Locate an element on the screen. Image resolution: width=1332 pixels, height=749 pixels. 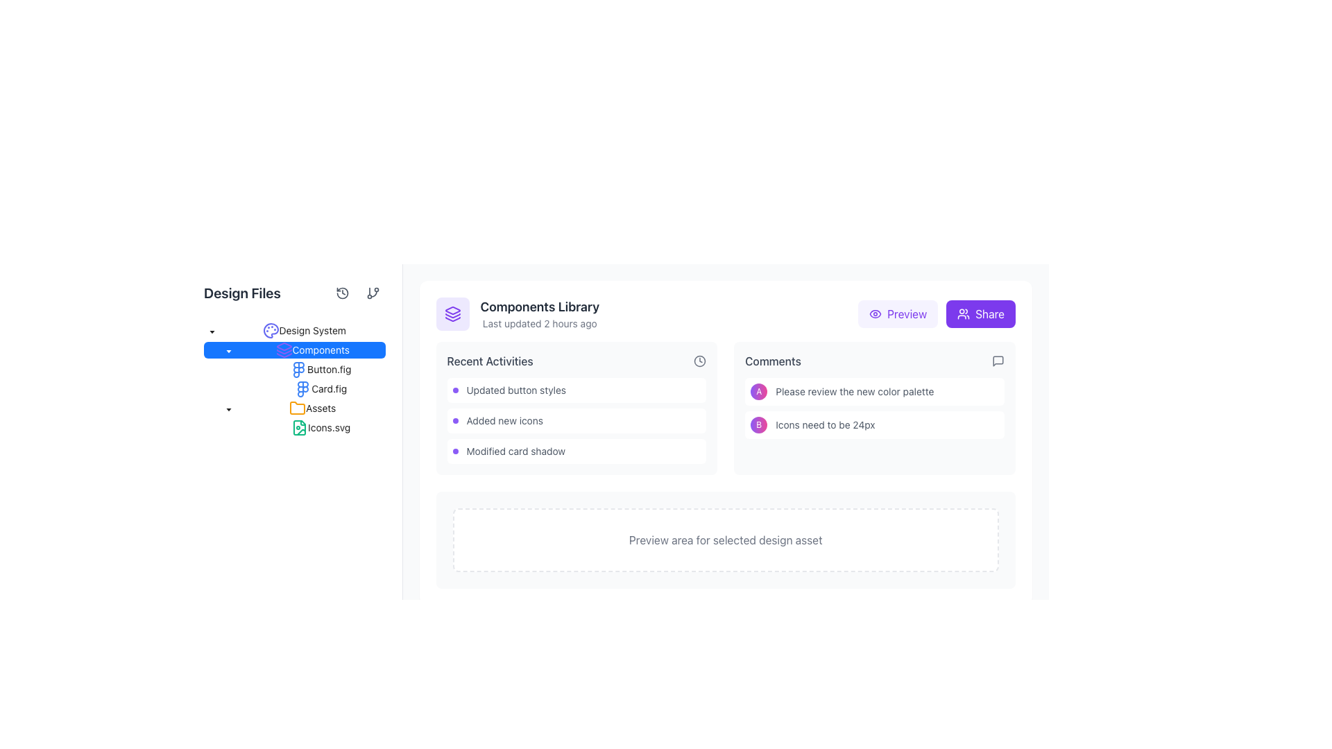
the preview button located in the top-right section of the component library interface, positioned to the left of the 'Share' button is located at coordinates (898, 313).